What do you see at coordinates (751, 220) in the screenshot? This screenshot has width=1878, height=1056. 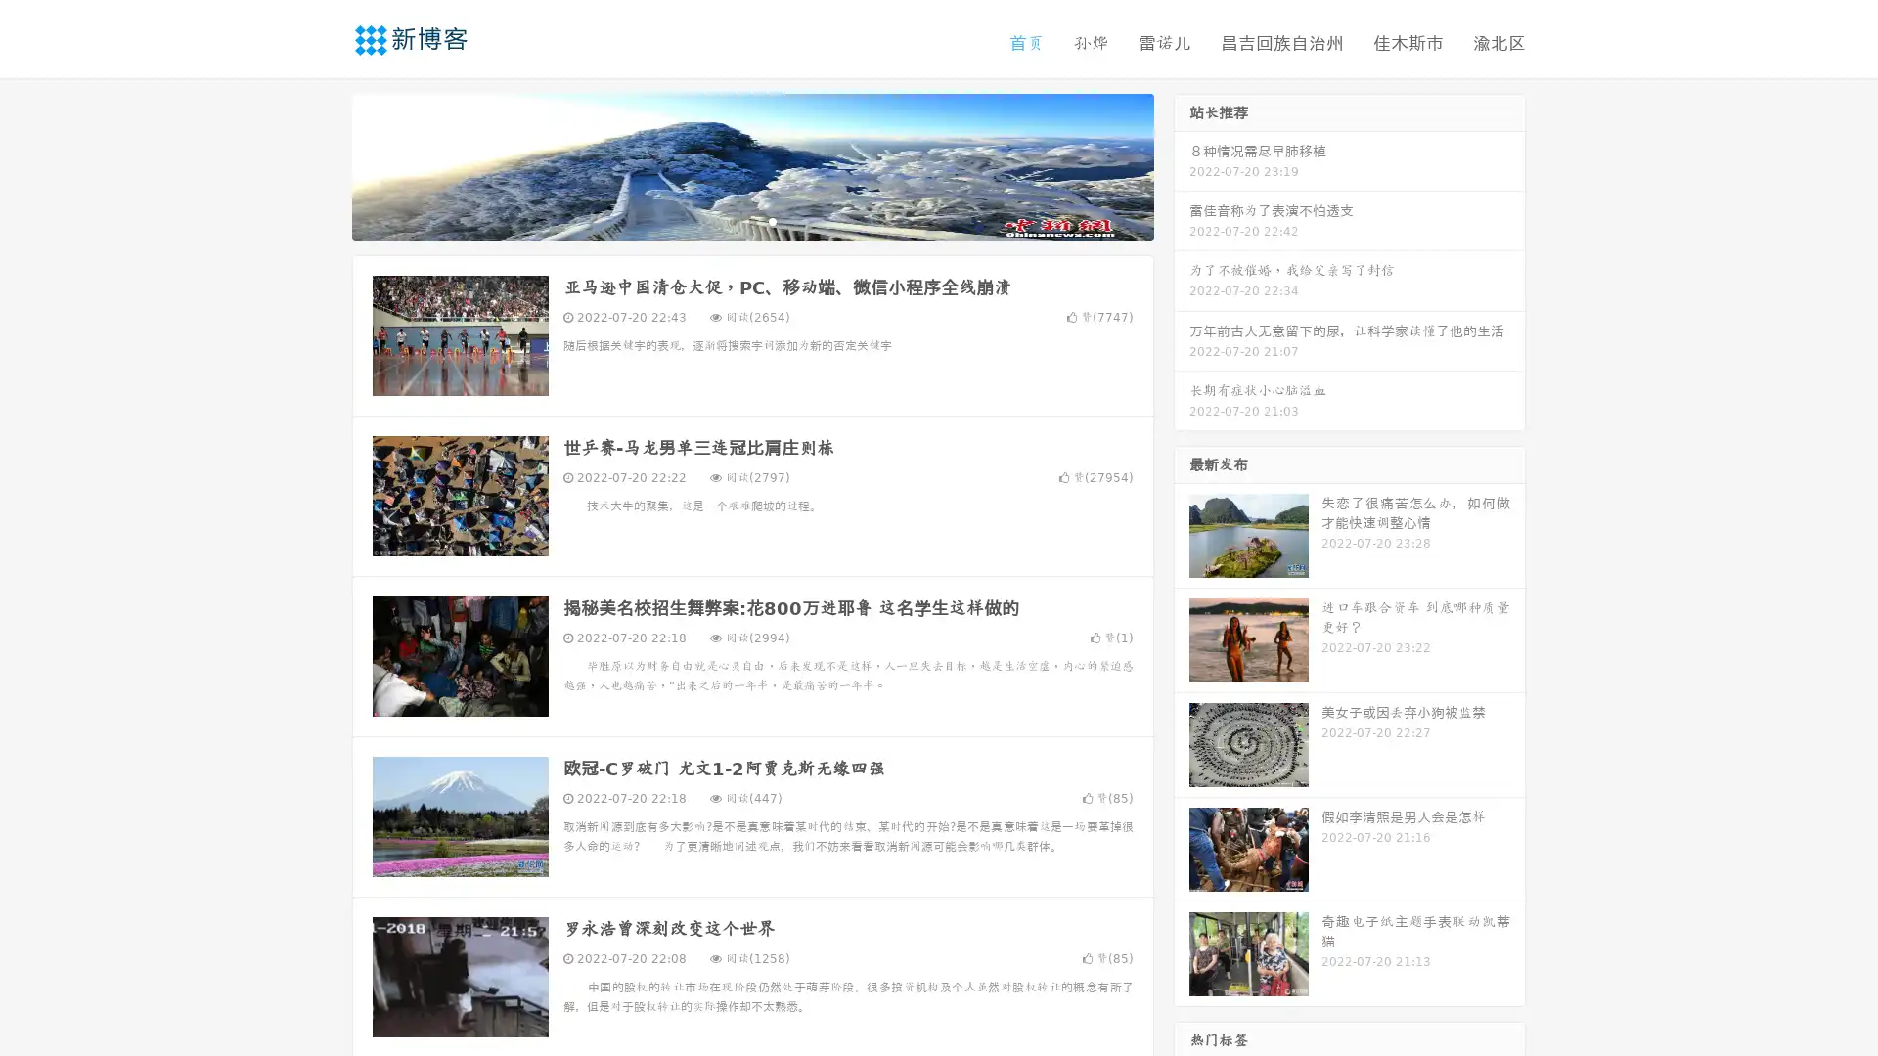 I see `Go to slide 2` at bounding box center [751, 220].